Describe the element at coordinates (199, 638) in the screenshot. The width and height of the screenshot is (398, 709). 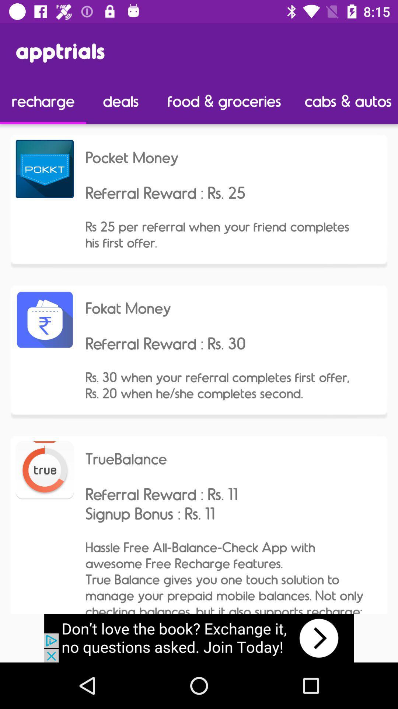
I see `advertisement box` at that location.